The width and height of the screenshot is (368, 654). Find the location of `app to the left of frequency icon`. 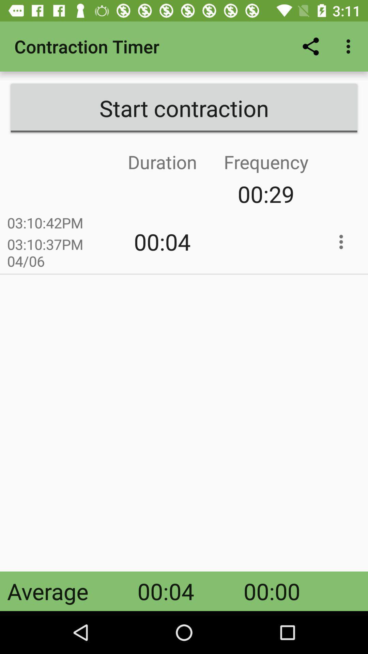

app to the left of frequency icon is located at coordinates (110, 193).